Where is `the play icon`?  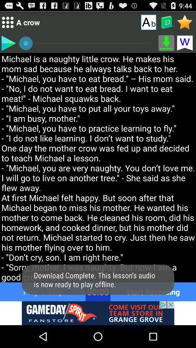 the play icon is located at coordinates (8, 46).